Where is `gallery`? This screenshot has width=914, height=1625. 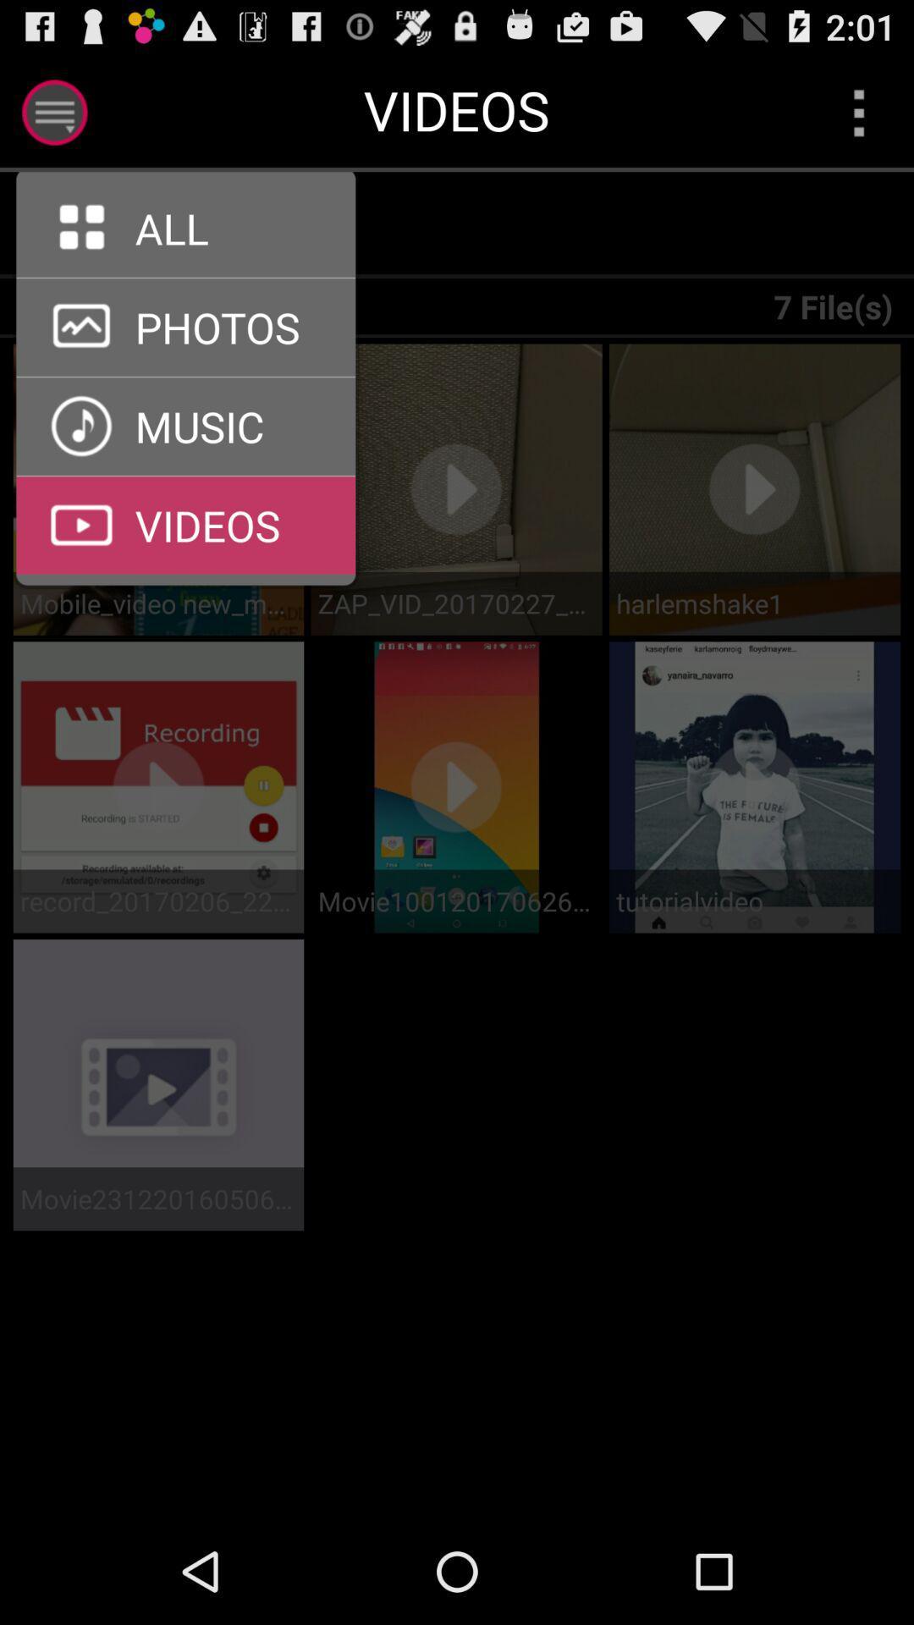
gallery is located at coordinates (185, 376).